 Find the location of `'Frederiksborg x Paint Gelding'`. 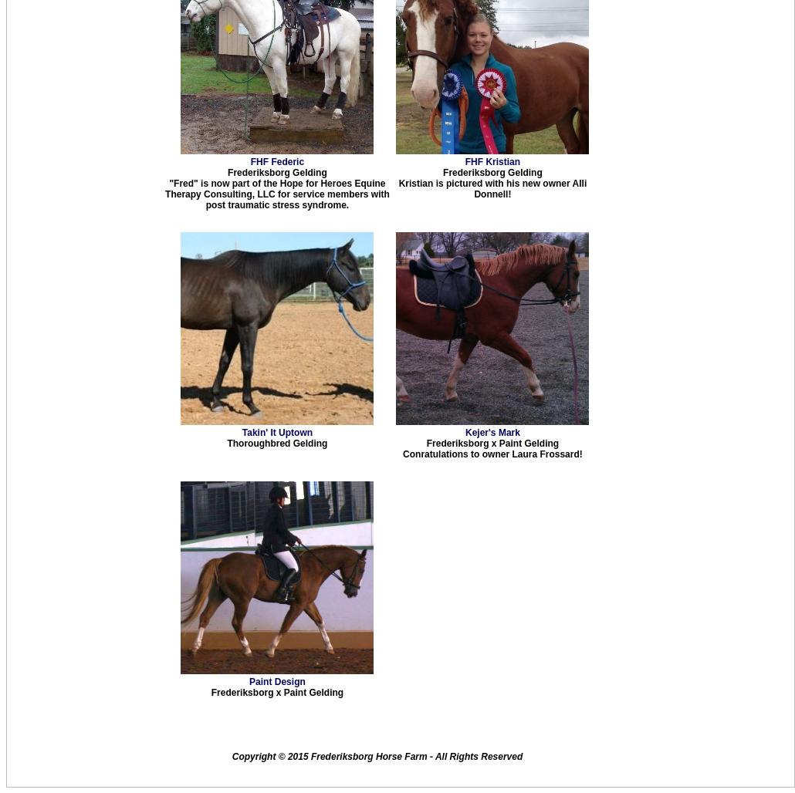

'Frederiksborg x Paint Gelding' is located at coordinates (491, 443).